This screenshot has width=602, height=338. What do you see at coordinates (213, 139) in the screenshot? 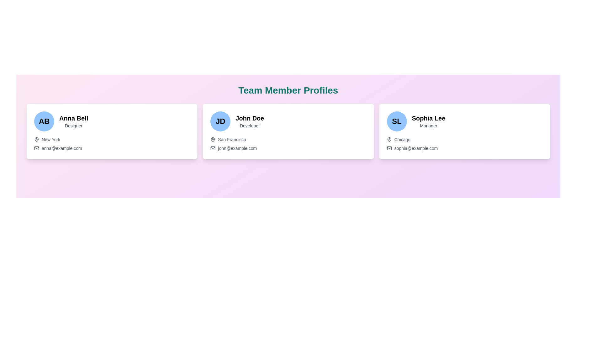
I see `the map pin icon located in John Doe's profile card, positioned below his name and to the left of 'San Francisco'` at bounding box center [213, 139].